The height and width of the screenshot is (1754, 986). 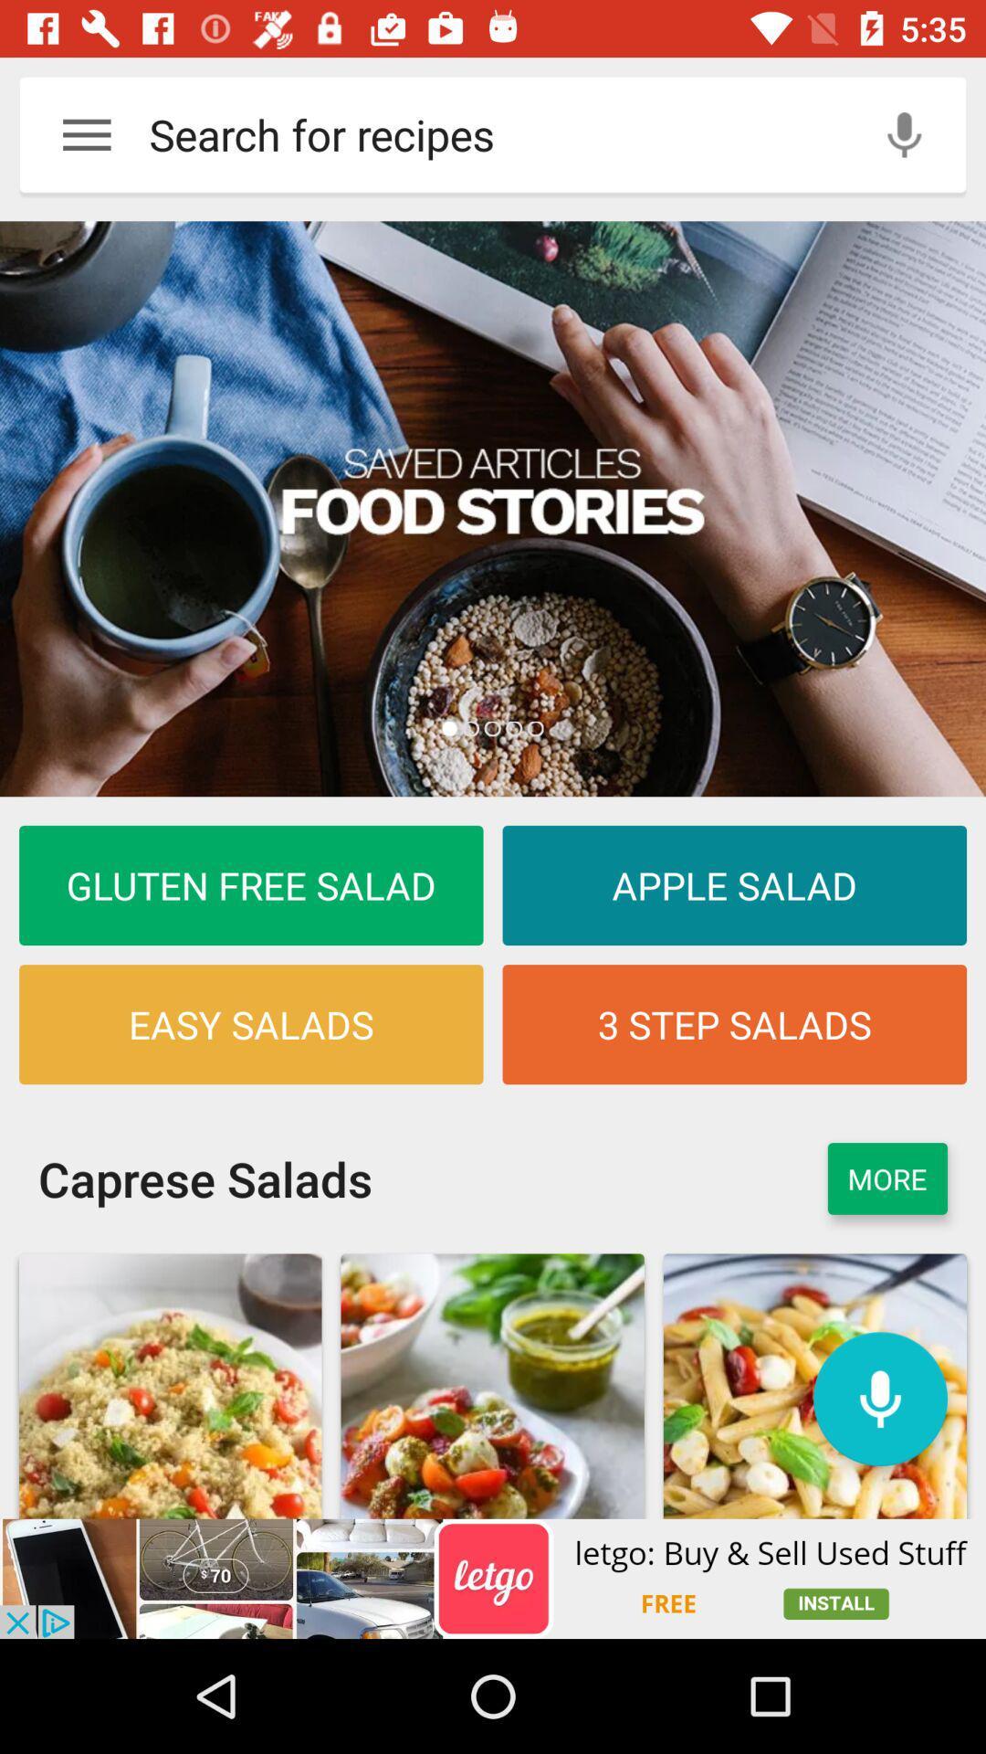 What do you see at coordinates (904, 133) in the screenshot?
I see `the microphone icon` at bounding box center [904, 133].